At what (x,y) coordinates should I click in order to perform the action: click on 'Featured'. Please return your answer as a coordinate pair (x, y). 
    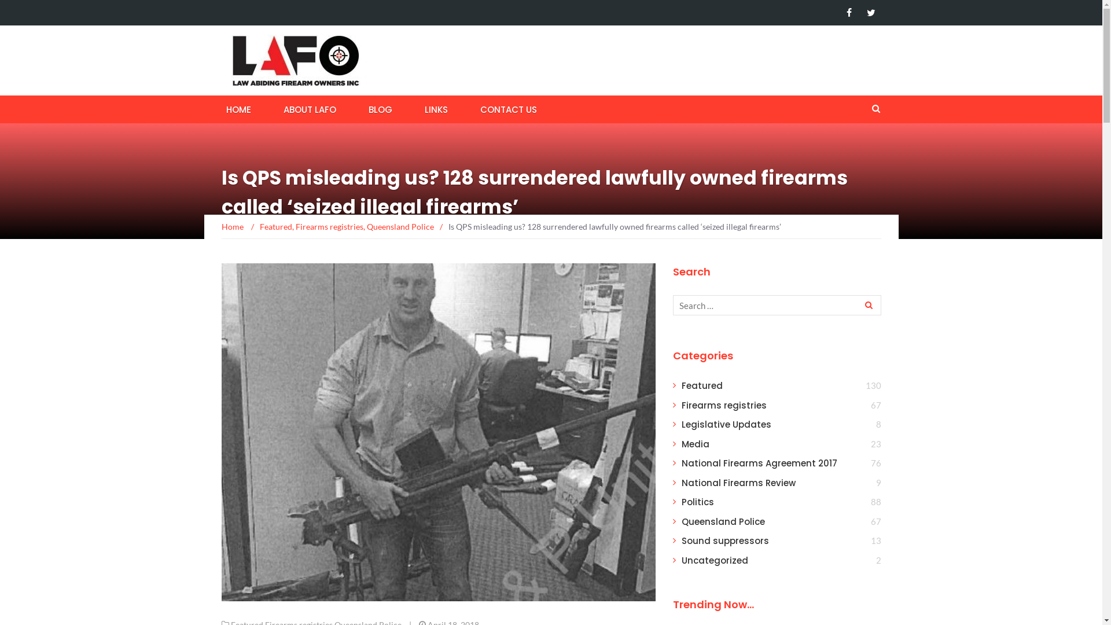
    Looking at the image, I should click on (701, 385).